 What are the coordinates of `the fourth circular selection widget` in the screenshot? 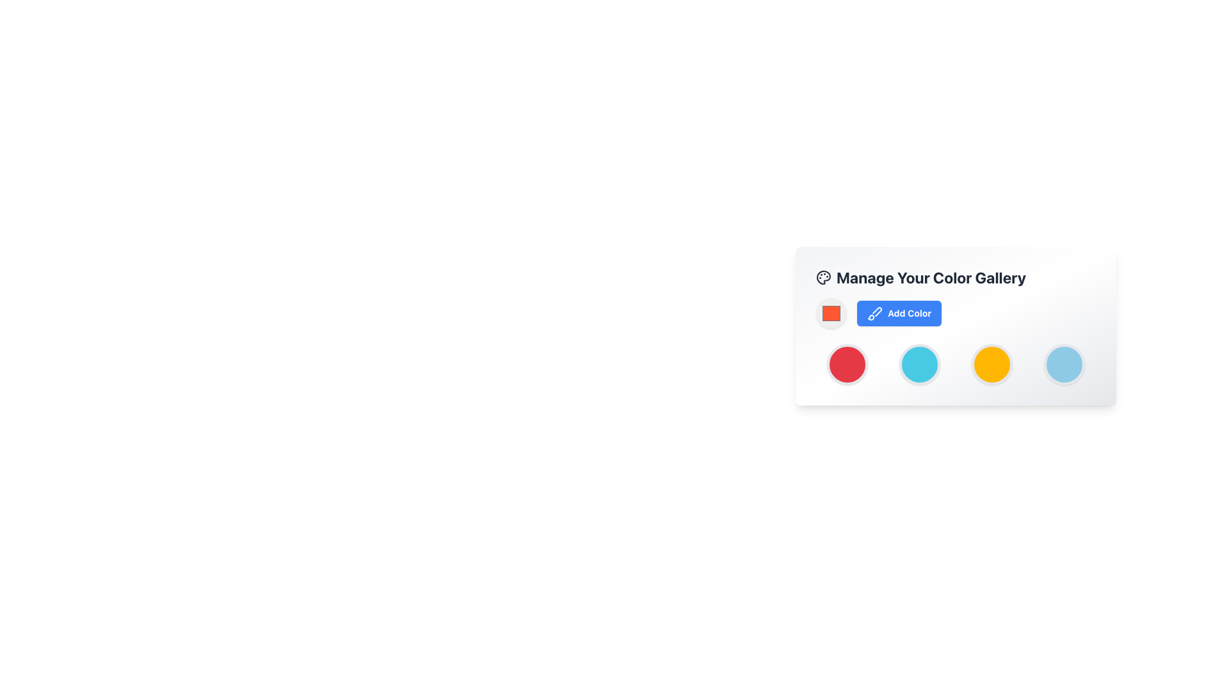 It's located at (1064, 365).